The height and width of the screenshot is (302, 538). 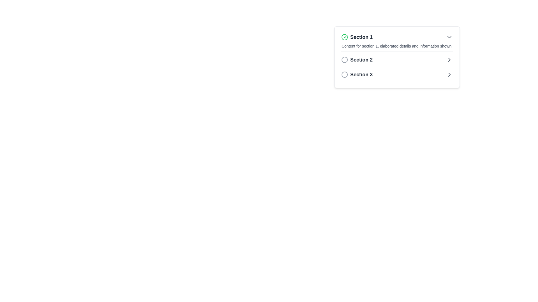 I want to click on the unselected radio button, which is a circular icon styled as a thin outlined circle, located to the left of the text 'Section 3' in a vertically aligned list of sections, so click(x=344, y=74).